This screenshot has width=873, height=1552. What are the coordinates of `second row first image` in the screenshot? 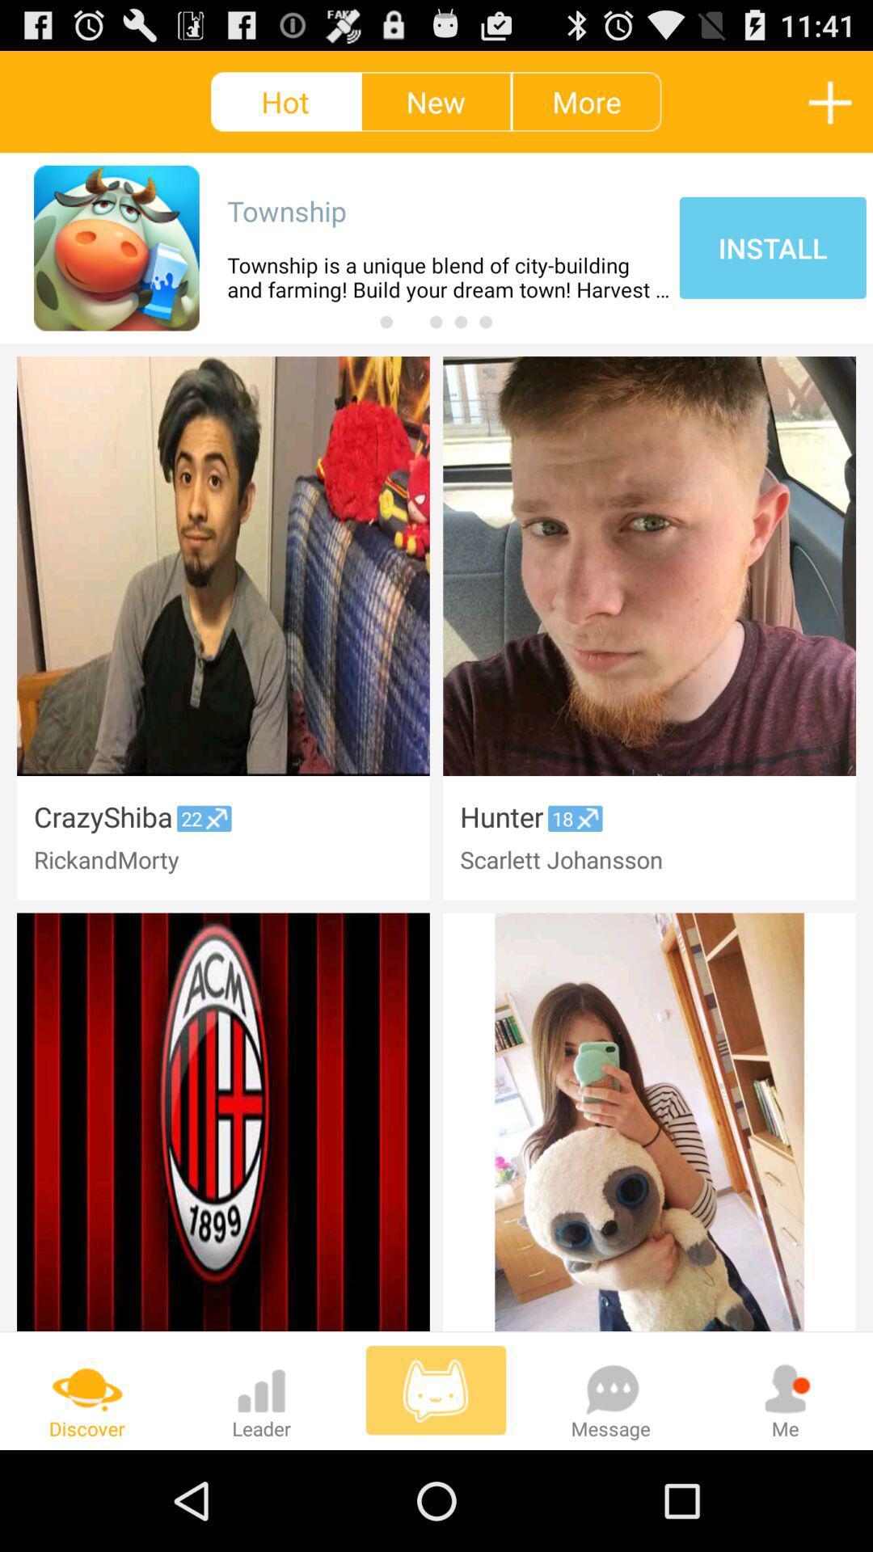 It's located at (223, 1121).